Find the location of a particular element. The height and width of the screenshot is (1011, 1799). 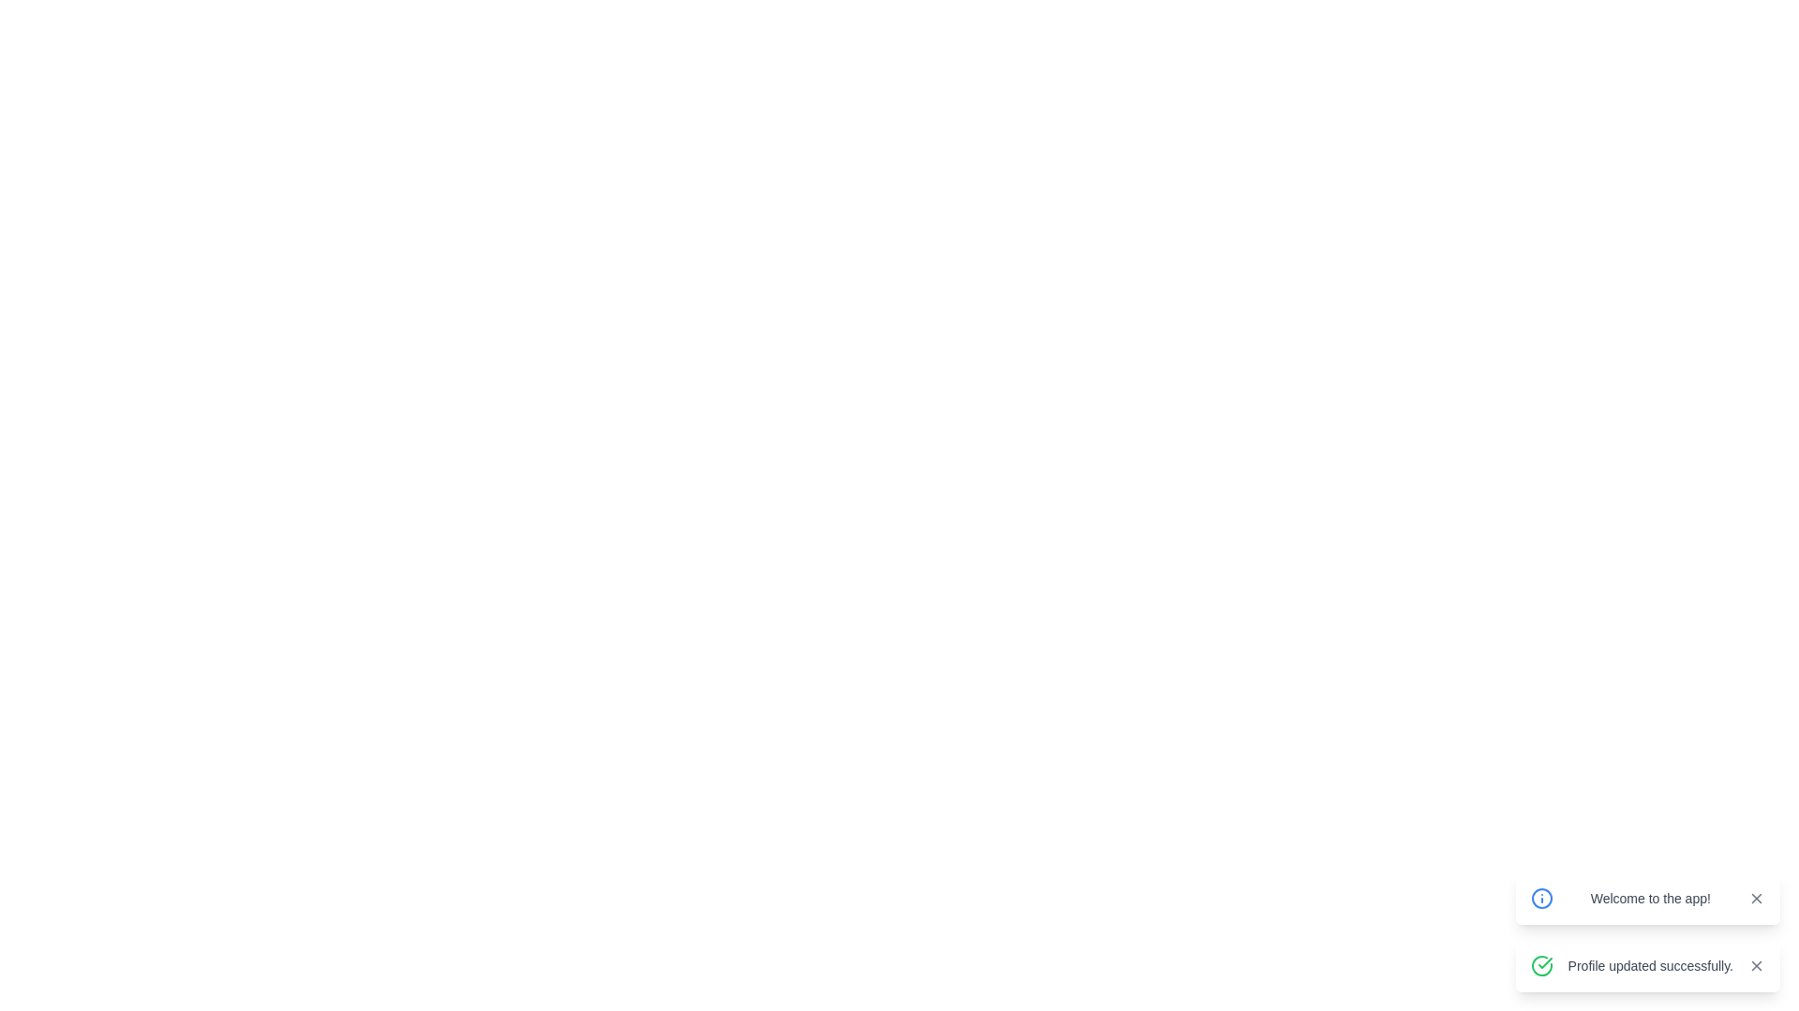

the circular SVG graphic element located next to the text 'Welcome to the app!' in the notification section at the lower right corner of the layout is located at coordinates (1541, 898).